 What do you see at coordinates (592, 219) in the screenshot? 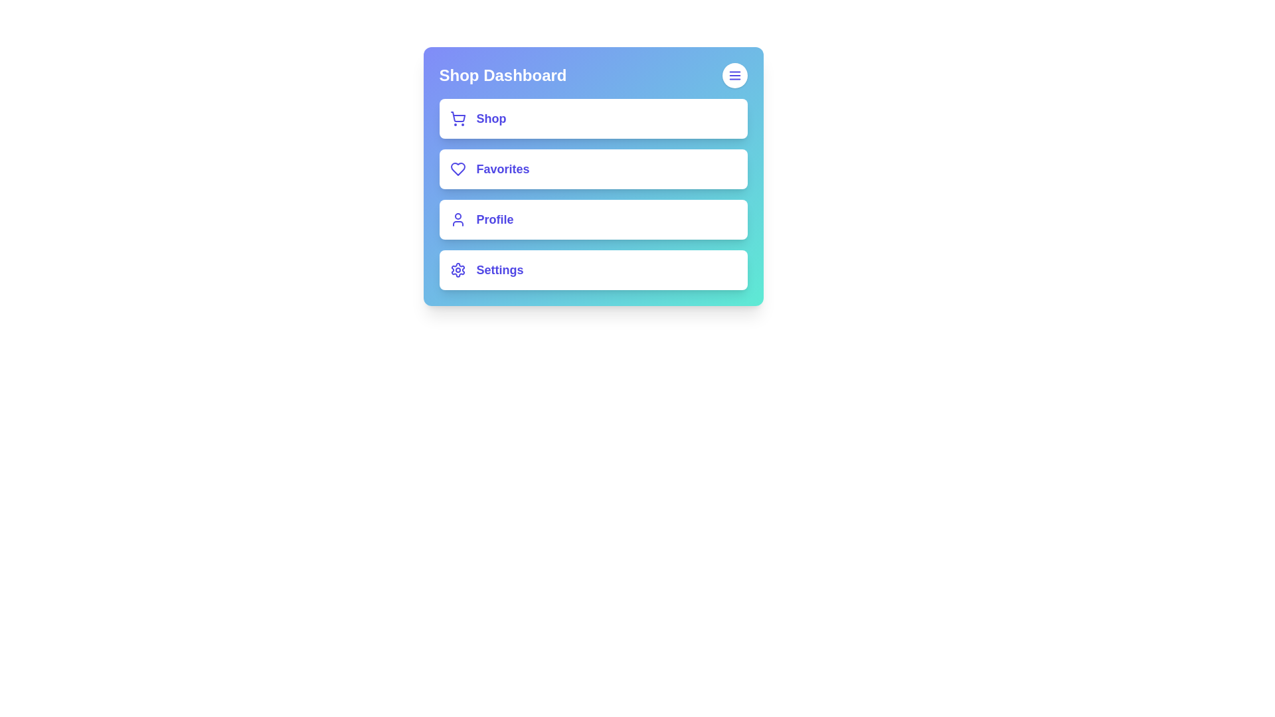
I see `the 'Profile' option in the menu` at bounding box center [592, 219].